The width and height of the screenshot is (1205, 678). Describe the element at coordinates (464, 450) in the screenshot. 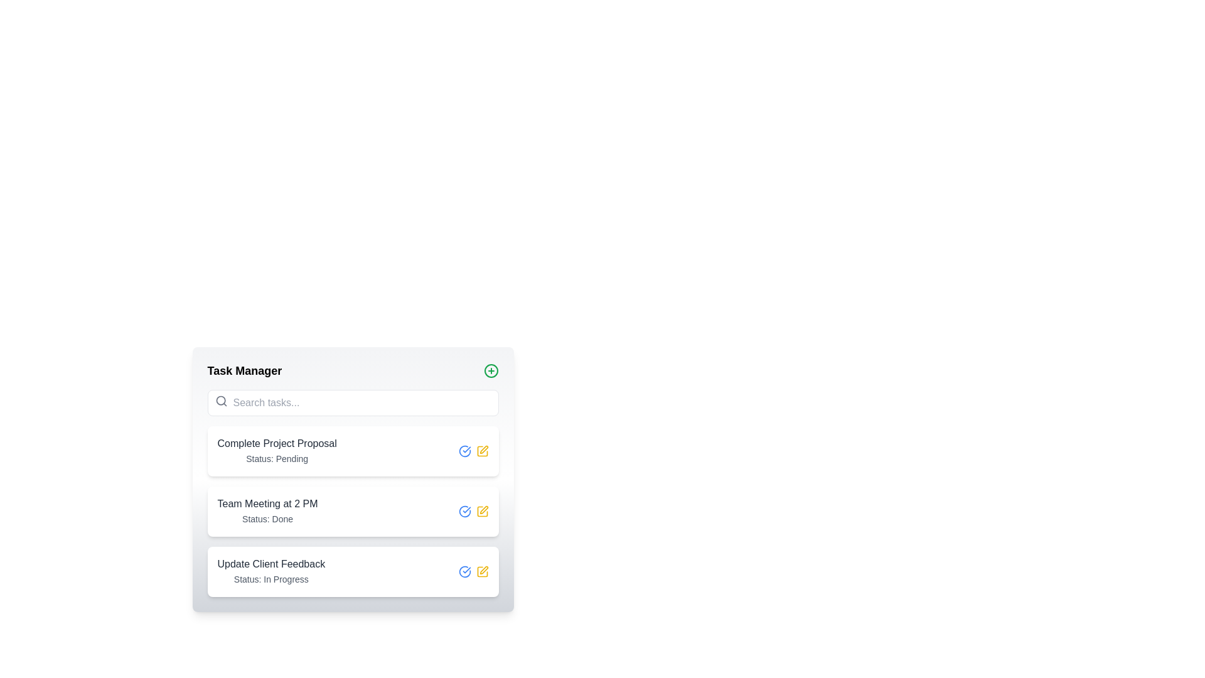

I see `the circular blue icon with a checkmark located to the left of the yellow 'edit' icon for the task 'Complete Project Proposal.'` at that location.